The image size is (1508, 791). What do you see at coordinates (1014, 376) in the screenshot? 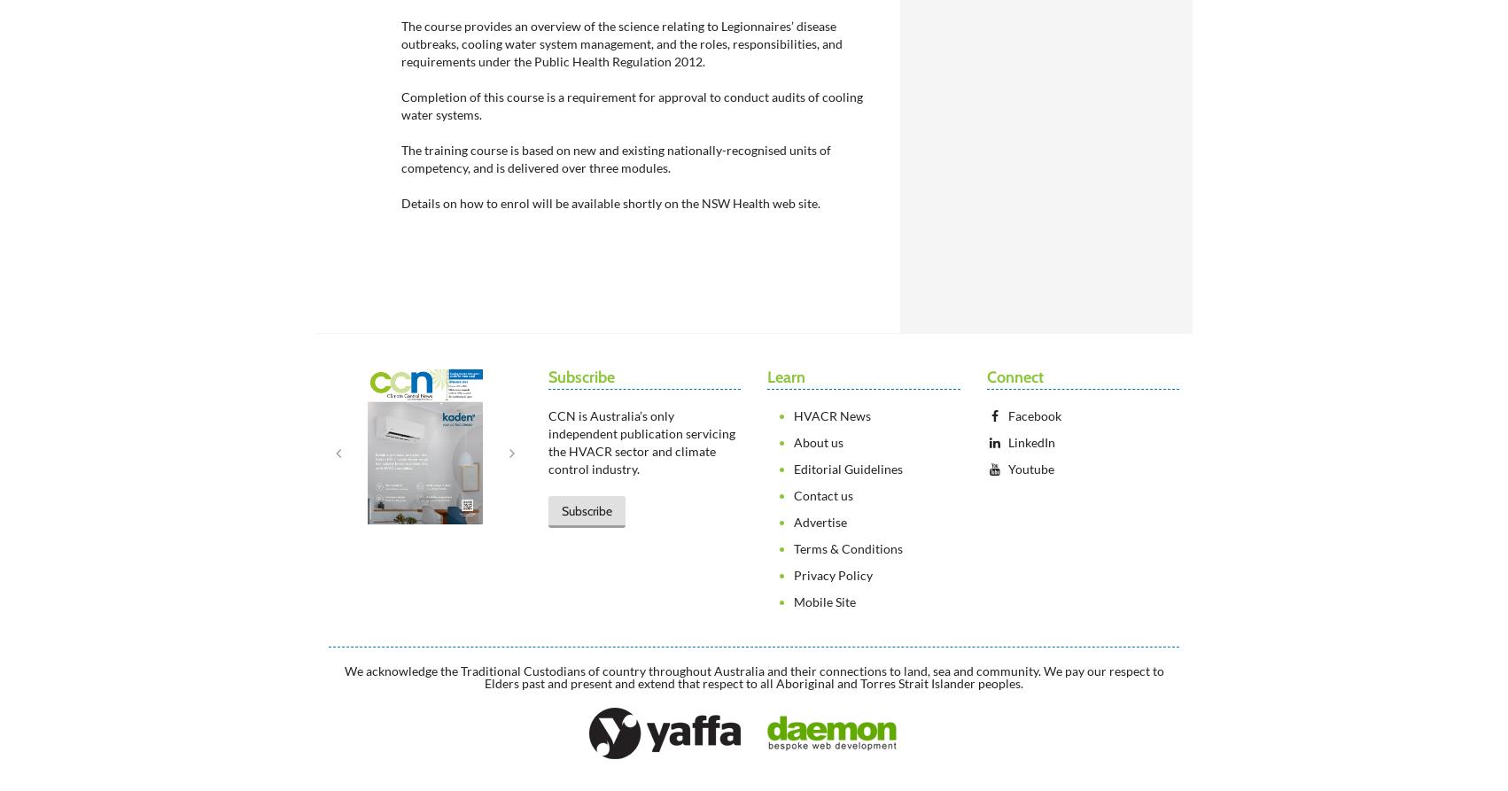
I see `'Connect'` at bounding box center [1014, 376].